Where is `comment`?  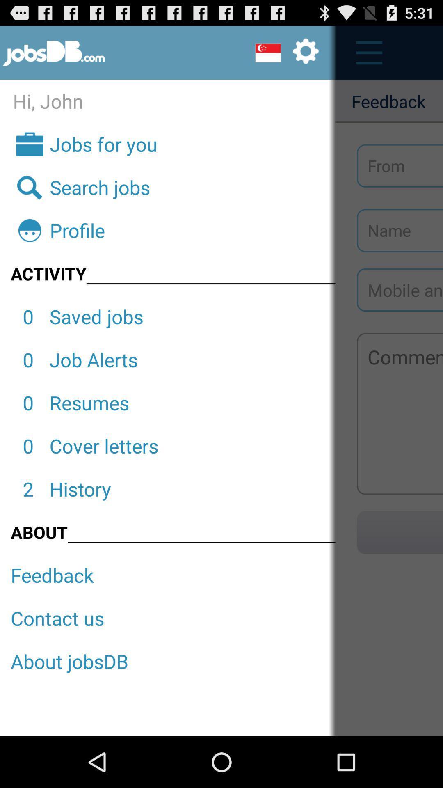 comment is located at coordinates (400, 414).